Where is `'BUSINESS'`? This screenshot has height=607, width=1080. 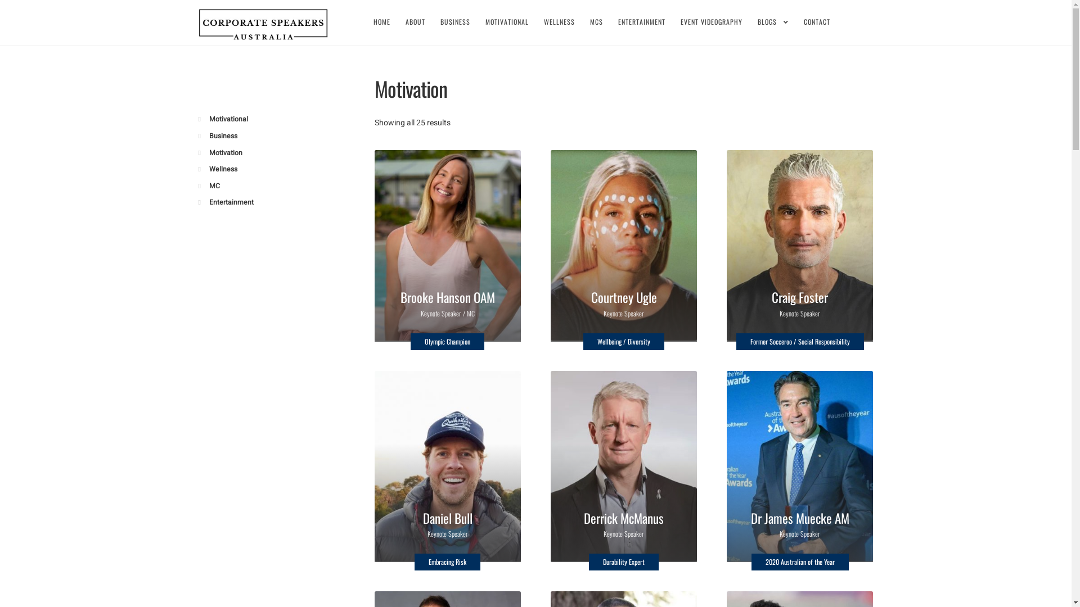 'BUSINESS' is located at coordinates (433, 21).